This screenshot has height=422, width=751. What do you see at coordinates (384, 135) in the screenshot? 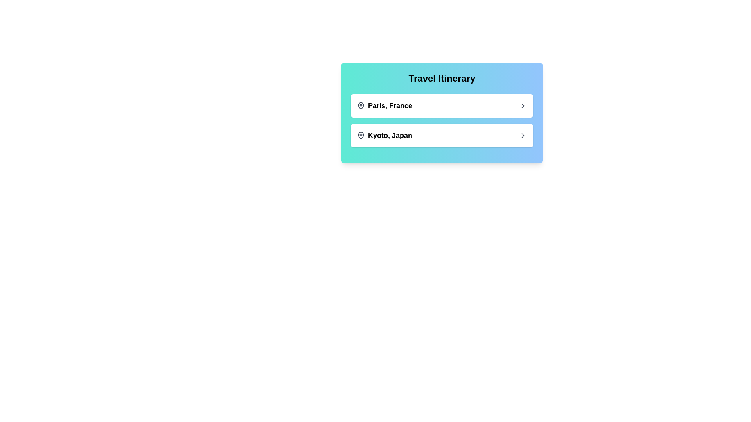
I see `the list item labeled 'Kyoto, Japan' that includes a location pin icon and is styled with a bold font inside a white rectangular button` at bounding box center [384, 135].